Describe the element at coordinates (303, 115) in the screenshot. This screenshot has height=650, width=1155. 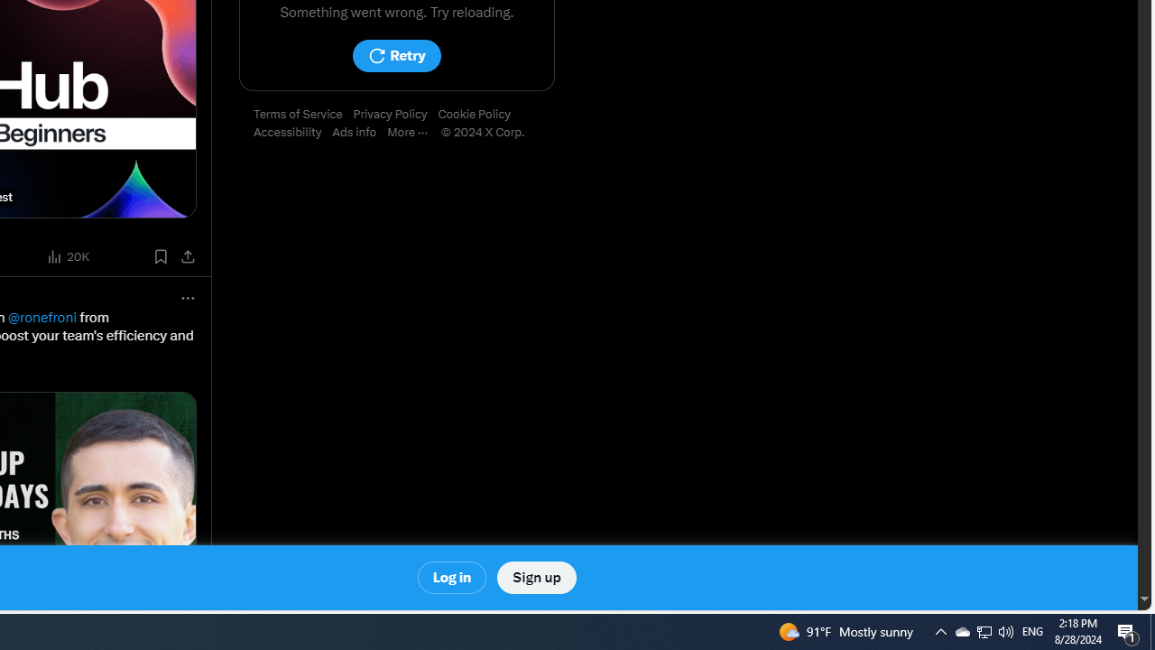
I see `'Terms of Service'` at that location.